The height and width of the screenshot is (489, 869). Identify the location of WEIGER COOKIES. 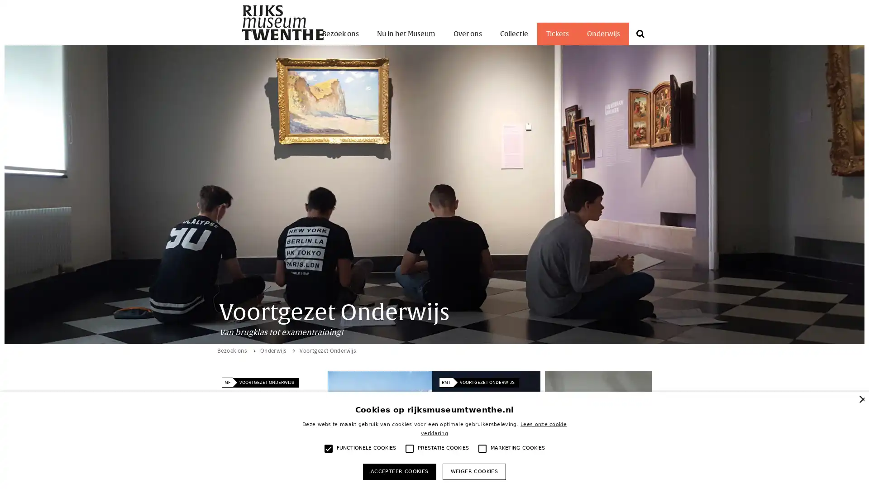
(473, 471).